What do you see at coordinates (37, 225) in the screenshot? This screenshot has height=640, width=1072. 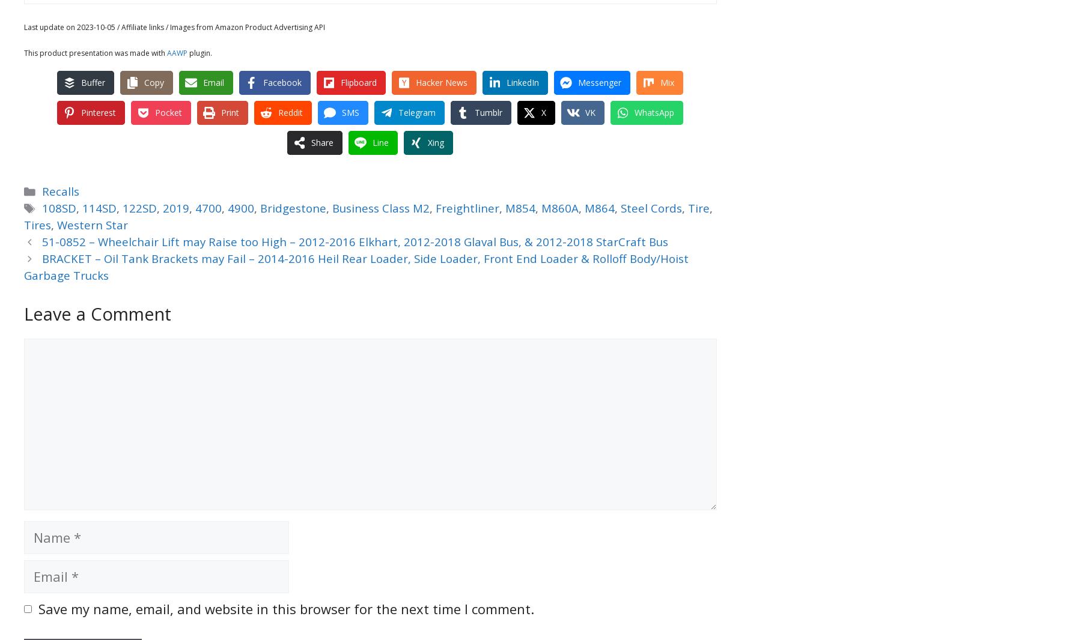 I see `'Tires'` at bounding box center [37, 225].